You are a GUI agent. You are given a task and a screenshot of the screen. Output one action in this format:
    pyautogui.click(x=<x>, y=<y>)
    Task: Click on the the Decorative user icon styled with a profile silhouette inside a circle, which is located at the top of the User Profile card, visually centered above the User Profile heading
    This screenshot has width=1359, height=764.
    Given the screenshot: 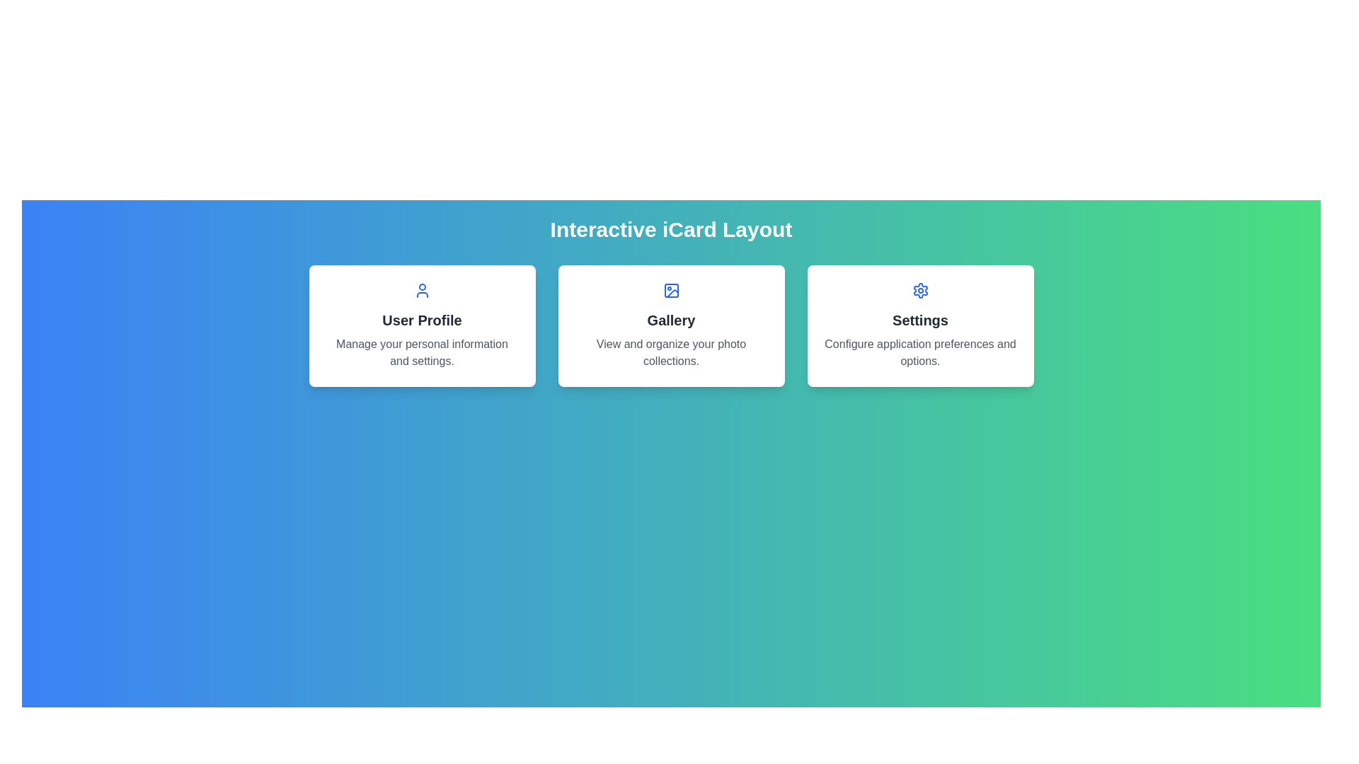 What is the action you would take?
    pyautogui.click(x=421, y=290)
    